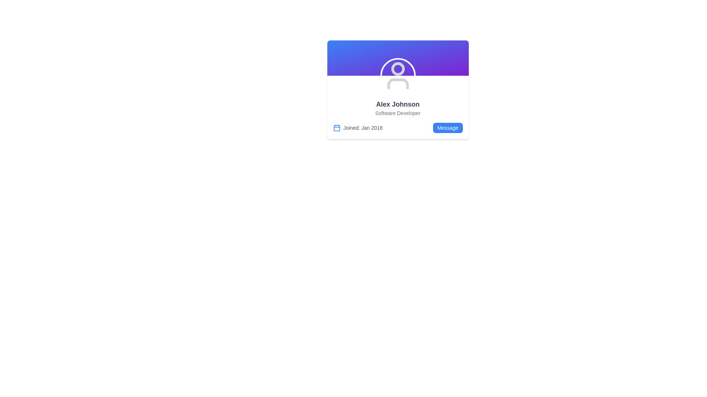 This screenshot has width=707, height=397. Describe the element at coordinates (397, 75) in the screenshot. I see `the user's profile avatar display area, which is located at the vertical center of the card` at that location.